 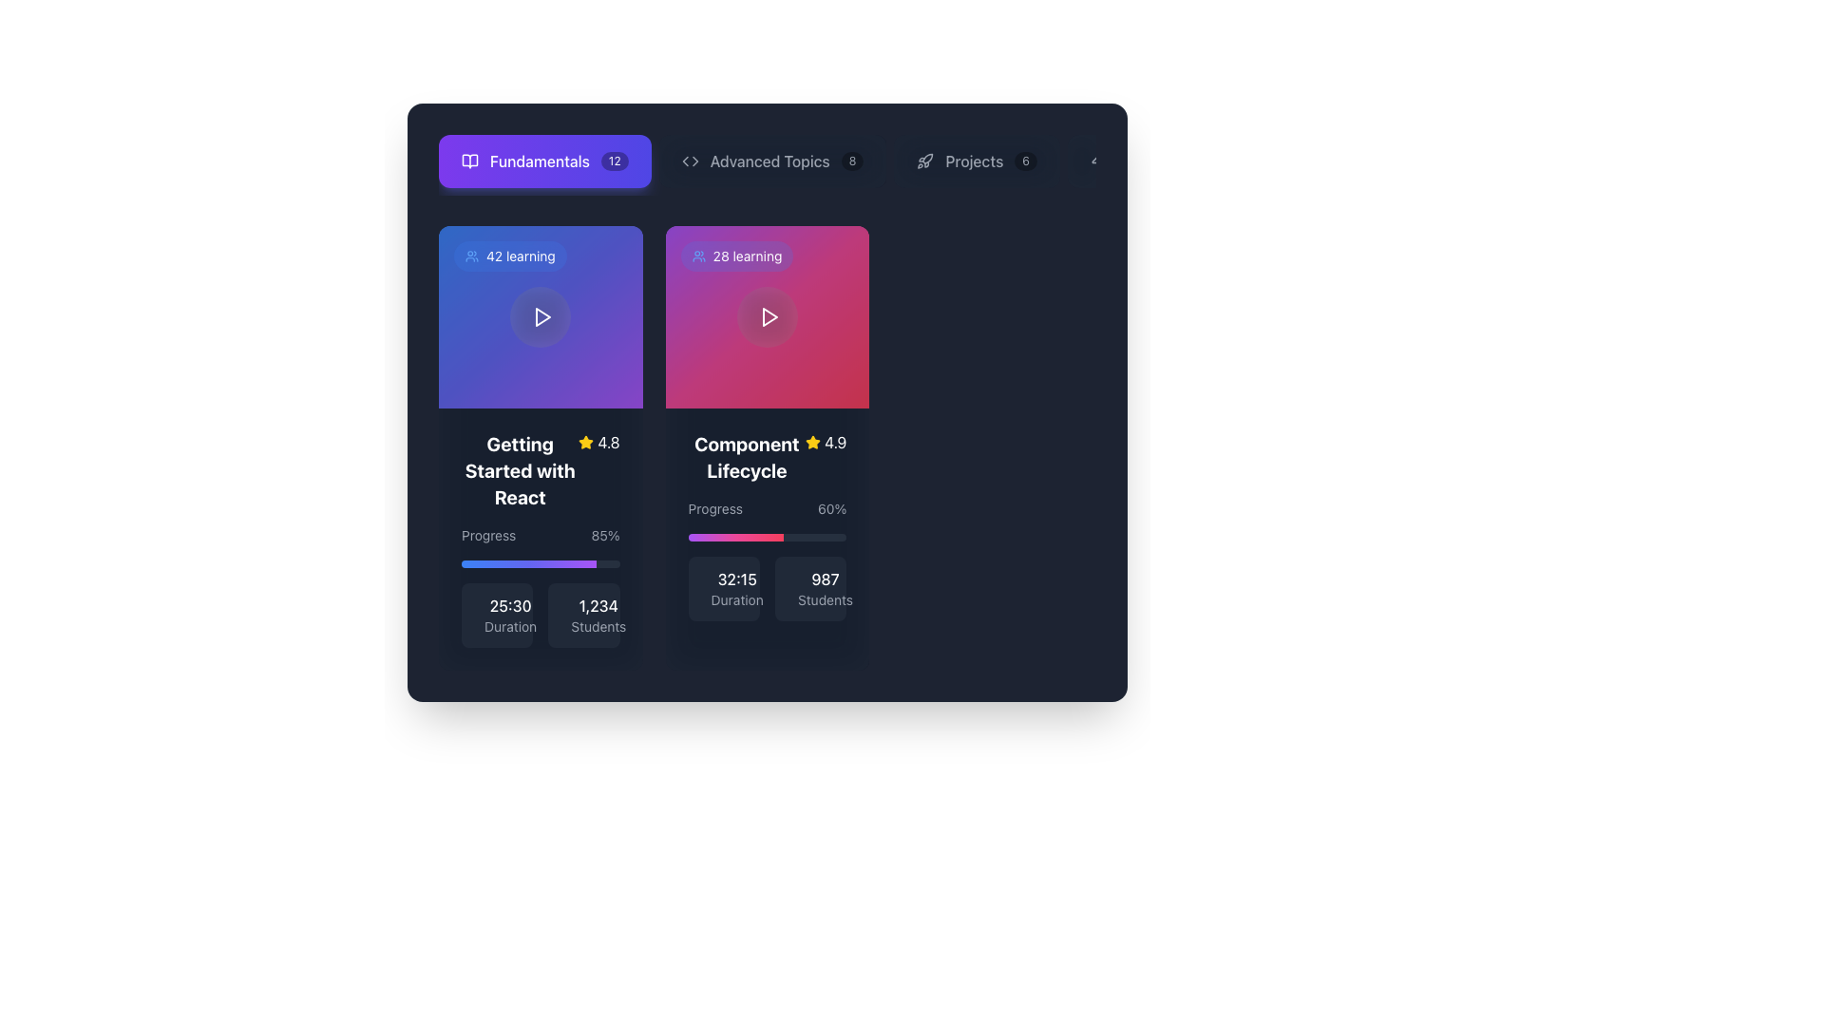 What do you see at coordinates (835, 443) in the screenshot?
I see `the static text displaying the rating '4.9' in white color, positioned next to a yellow star icon in the top-right section of the 'Component Lifecycle' card` at bounding box center [835, 443].